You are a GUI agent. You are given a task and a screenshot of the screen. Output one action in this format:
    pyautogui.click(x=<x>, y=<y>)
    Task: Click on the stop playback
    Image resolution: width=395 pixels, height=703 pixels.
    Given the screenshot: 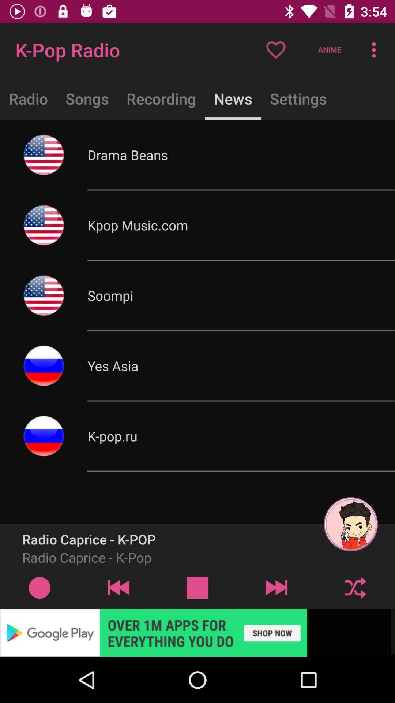 What is the action you would take?
    pyautogui.click(x=197, y=587)
    